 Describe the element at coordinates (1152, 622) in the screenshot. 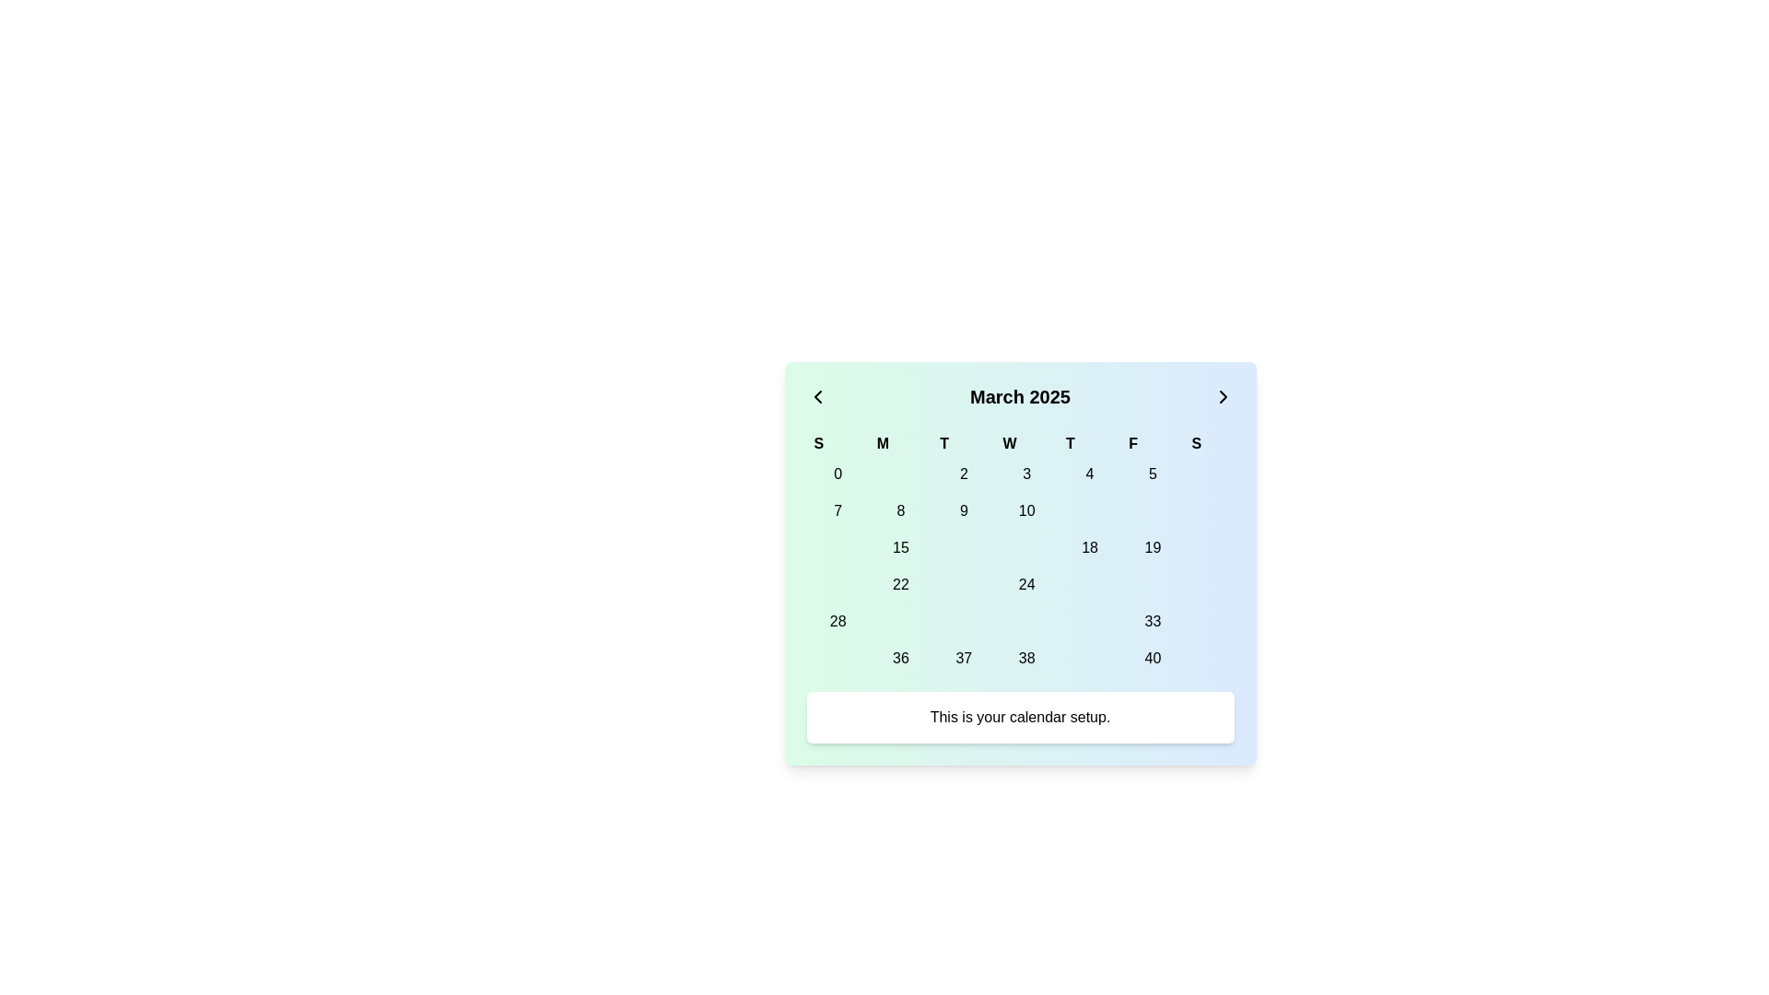

I see `the static text label displaying '33' in black, which is the sixth element in a series of seven horizontally arranged elements on a light-colored background` at that location.